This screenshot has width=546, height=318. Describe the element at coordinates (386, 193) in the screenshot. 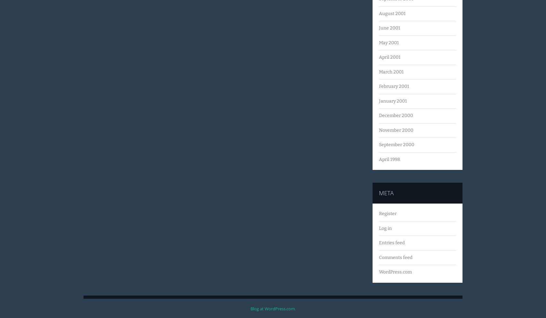

I see `'Meta'` at that location.